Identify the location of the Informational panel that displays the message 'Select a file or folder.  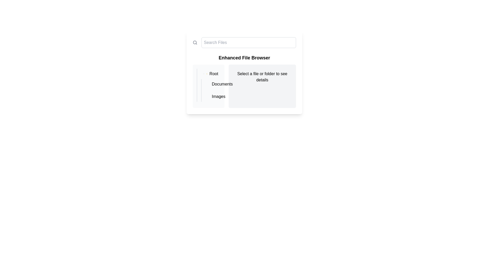
(262, 86).